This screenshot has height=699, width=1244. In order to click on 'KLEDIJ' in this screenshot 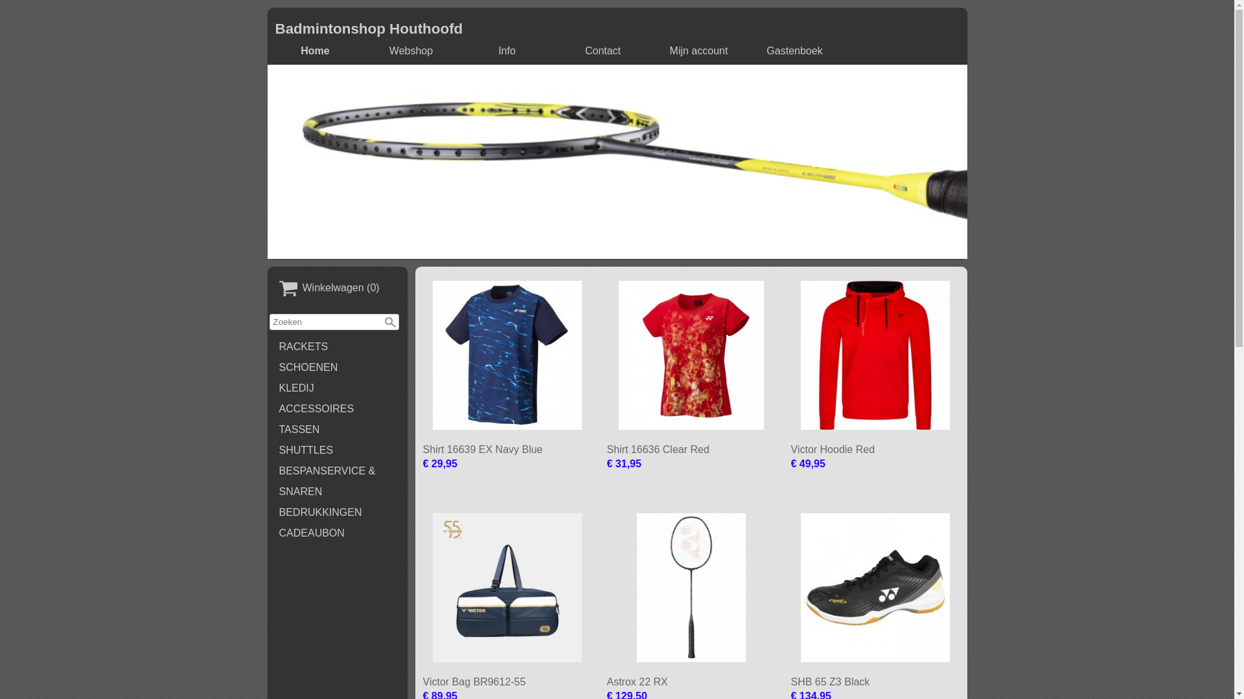, I will do `click(338, 388)`.